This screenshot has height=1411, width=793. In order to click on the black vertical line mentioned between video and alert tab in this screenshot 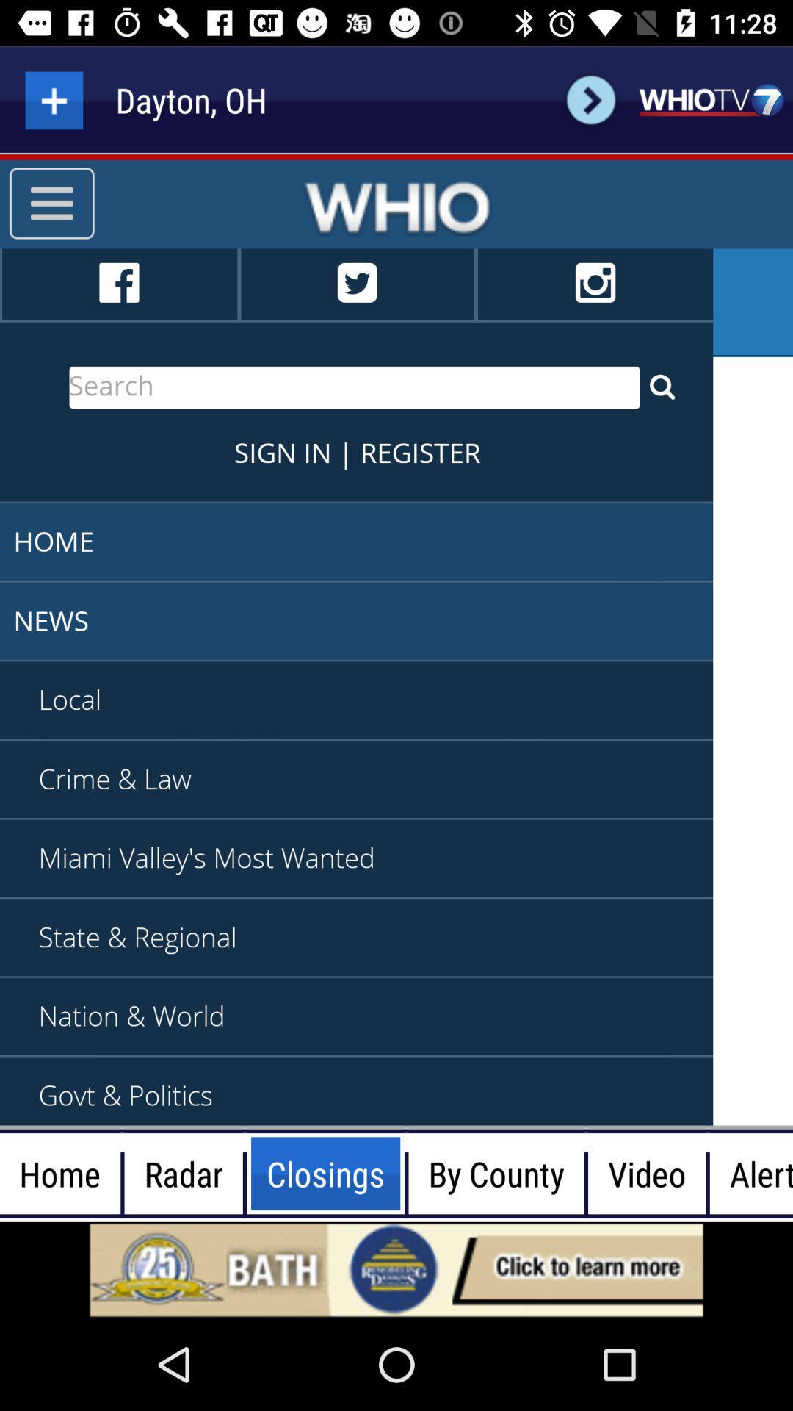, I will do `click(707, 1173)`.